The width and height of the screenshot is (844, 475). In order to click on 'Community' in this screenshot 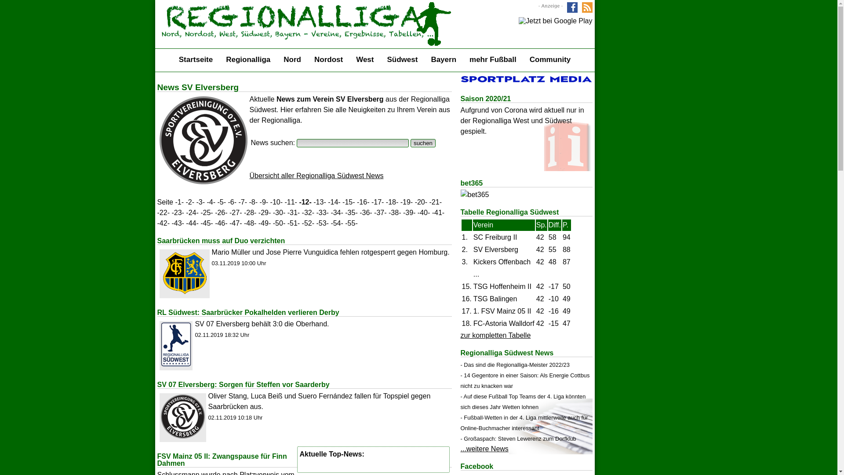, I will do `click(550, 59)`.